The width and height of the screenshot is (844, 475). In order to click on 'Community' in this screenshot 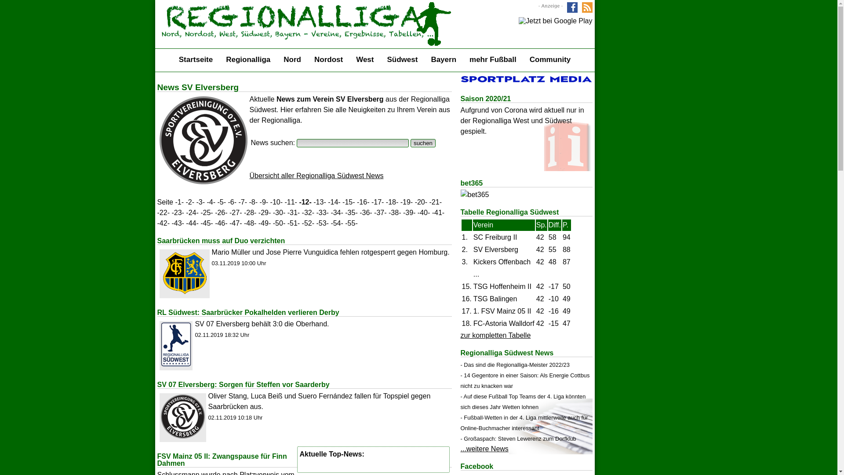, I will do `click(550, 59)`.